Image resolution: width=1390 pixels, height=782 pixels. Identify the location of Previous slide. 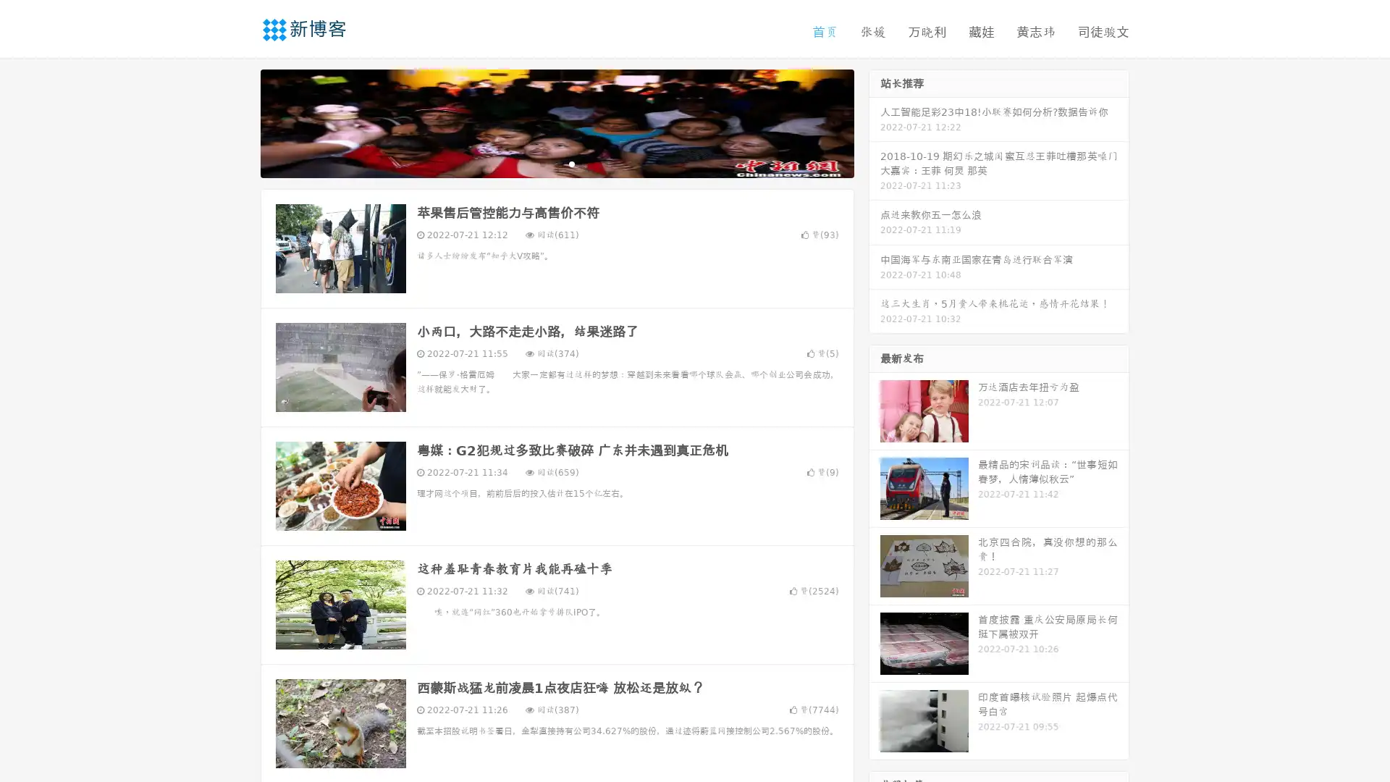
(239, 122).